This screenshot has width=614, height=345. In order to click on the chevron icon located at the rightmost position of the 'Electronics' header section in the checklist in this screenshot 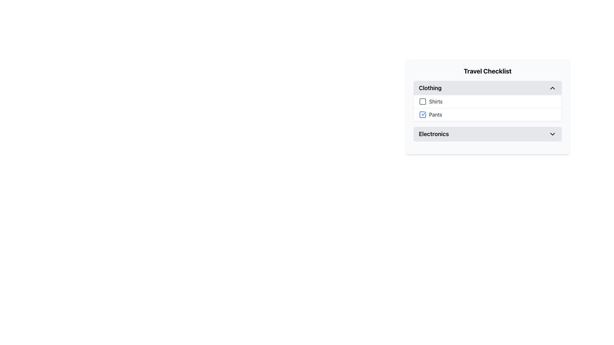, I will do `click(552, 134)`.